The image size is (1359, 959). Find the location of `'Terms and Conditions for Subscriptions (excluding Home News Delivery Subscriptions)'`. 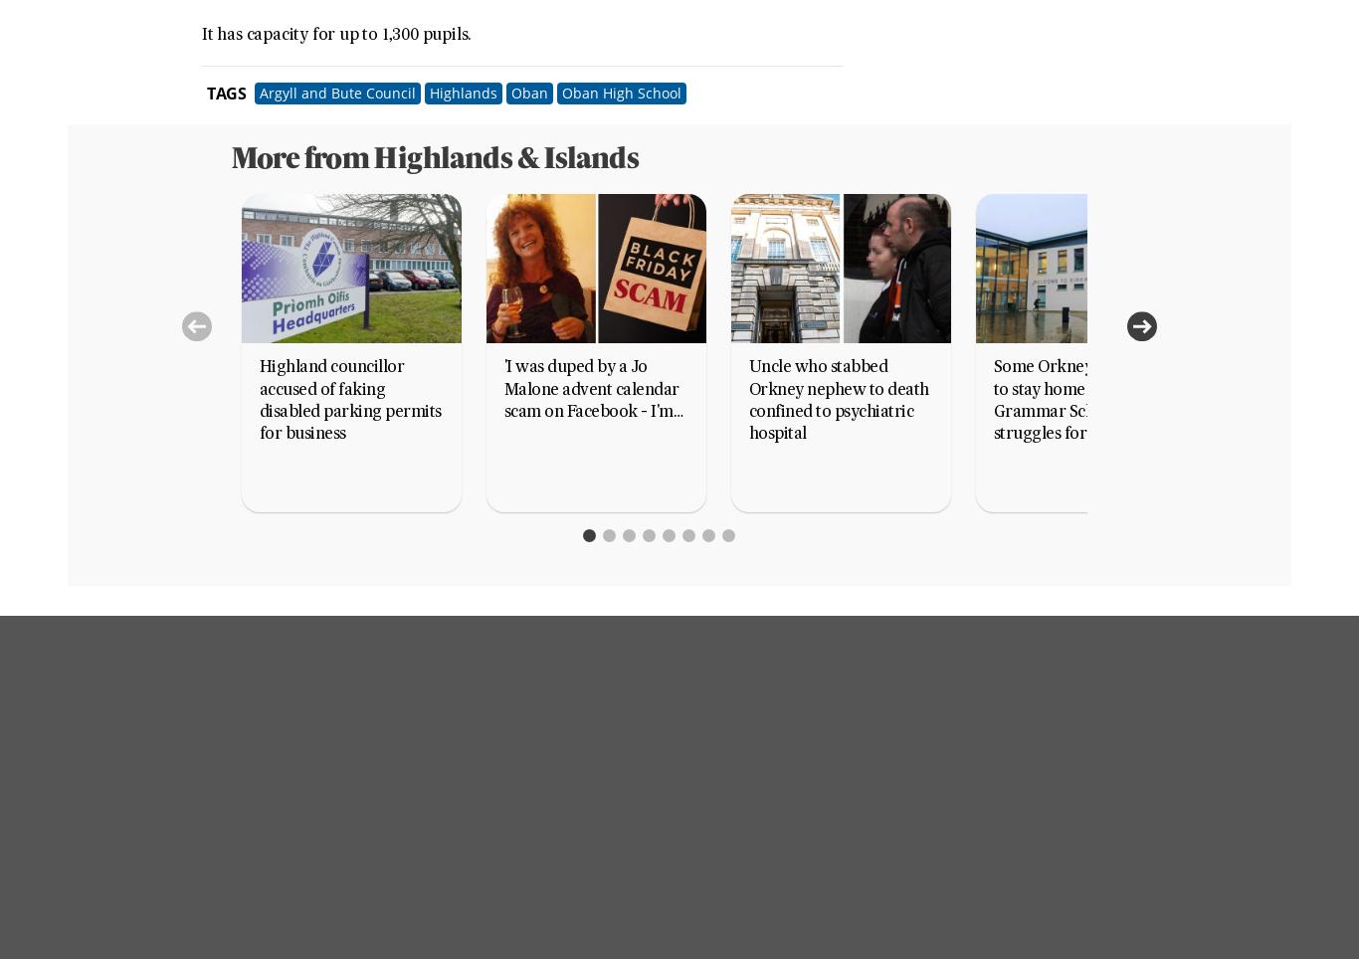

'Terms and Conditions for Subscriptions (excluding Home News Delivery Subscriptions)' is located at coordinates (579, 689).